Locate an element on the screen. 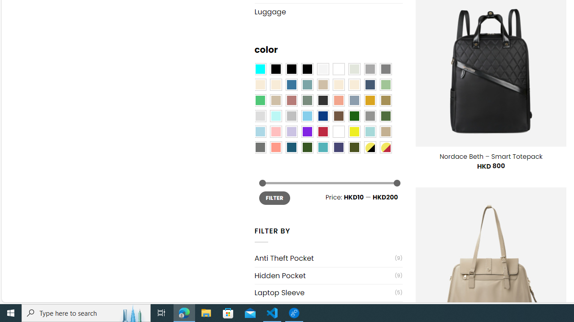 The image size is (574, 322). 'Dusty Blue' is located at coordinates (353, 101).